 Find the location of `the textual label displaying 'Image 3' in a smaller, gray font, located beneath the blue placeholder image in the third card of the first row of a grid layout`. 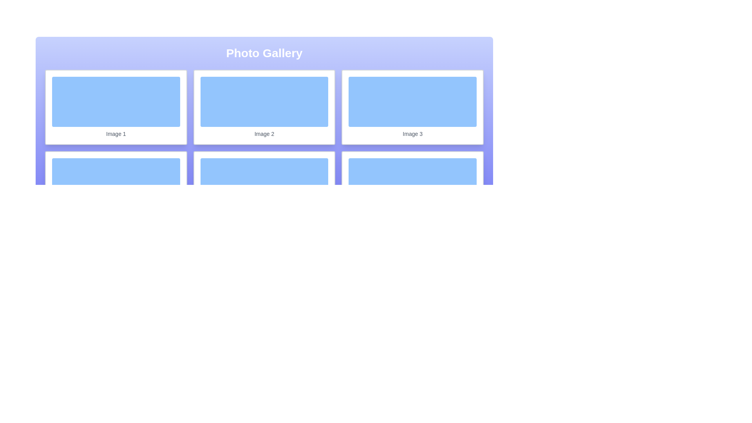

the textual label displaying 'Image 3' in a smaller, gray font, located beneath the blue placeholder image in the third card of the first row of a grid layout is located at coordinates (412, 134).